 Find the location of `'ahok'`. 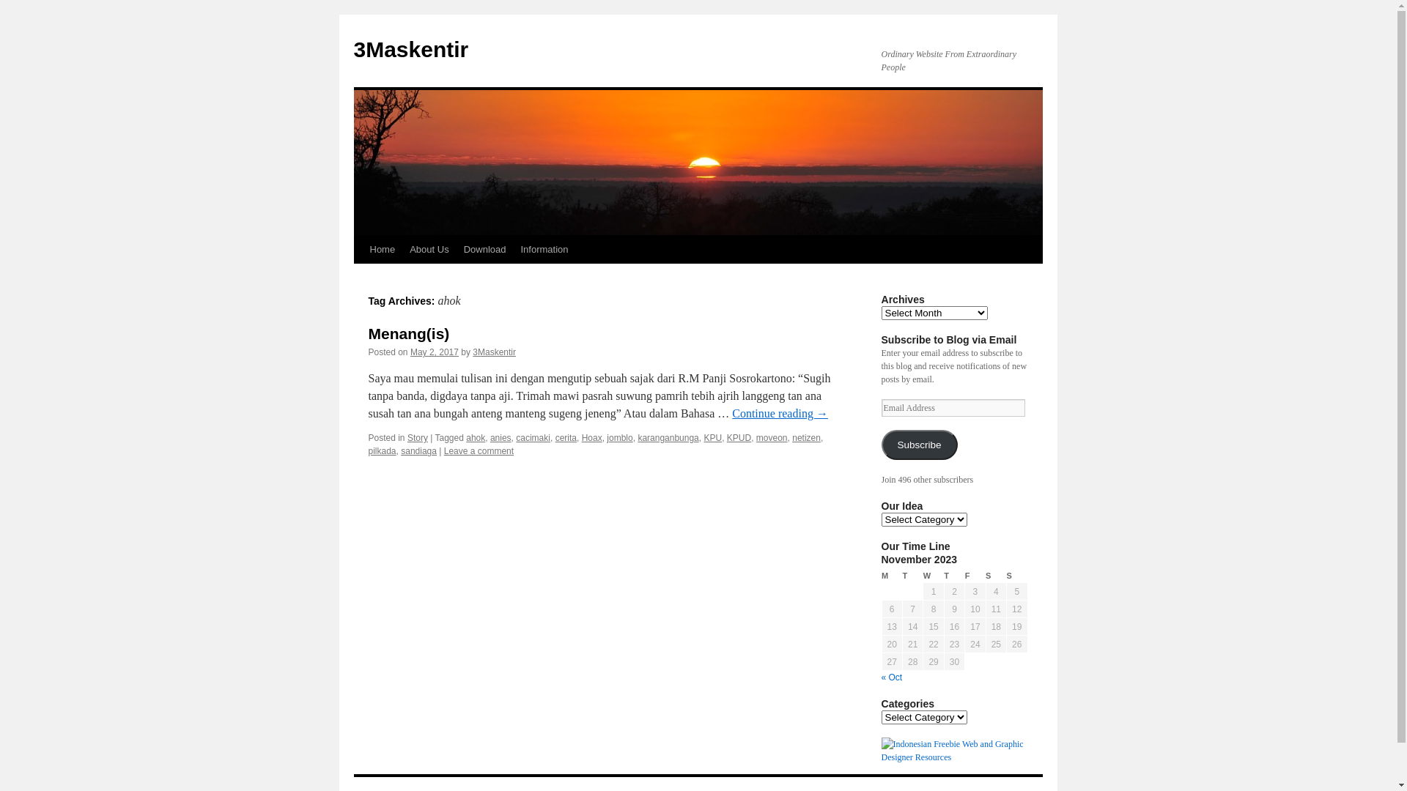

'ahok' is located at coordinates (465, 437).